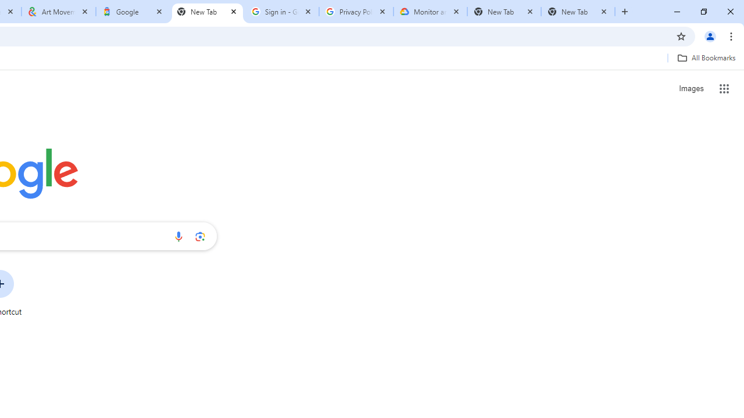 The image size is (744, 418). What do you see at coordinates (691, 88) in the screenshot?
I see `'Search for Images '` at bounding box center [691, 88].